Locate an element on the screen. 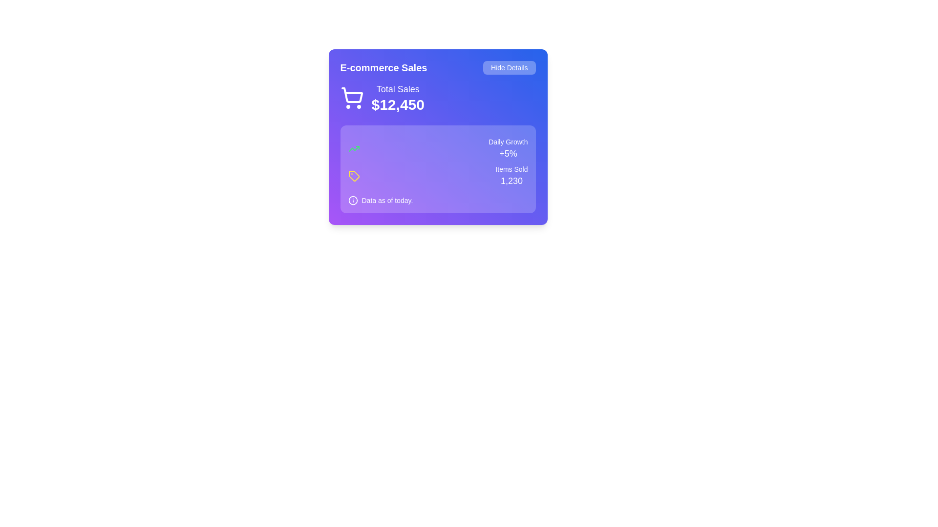 Image resolution: width=938 pixels, height=527 pixels. the text label displaying '1,230' in large bold white font, located under 'Items Sold' and to the right of a growth metrics box is located at coordinates (511, 181).